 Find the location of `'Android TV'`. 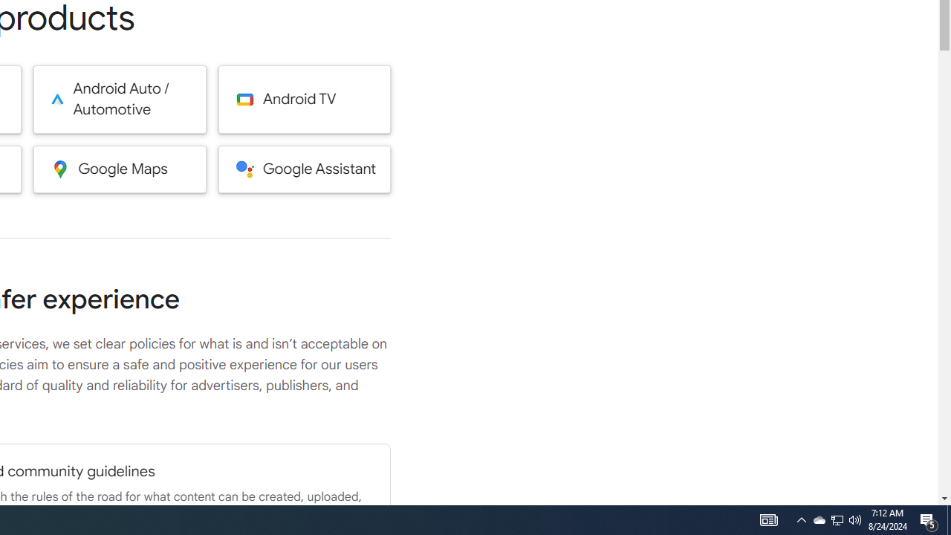

'Android TV' is located at coordinates (304, 99).